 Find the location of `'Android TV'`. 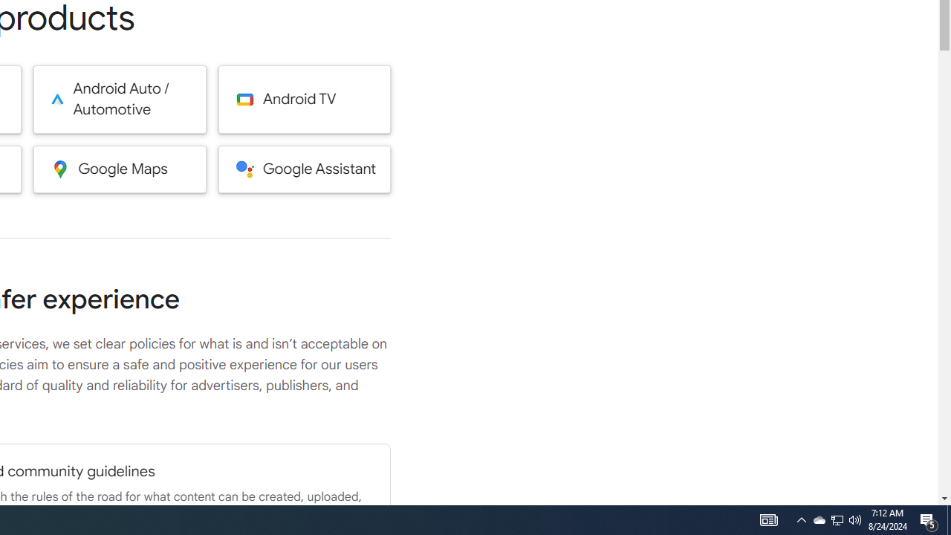

'Android TV' is located at coordinates (304, 99).